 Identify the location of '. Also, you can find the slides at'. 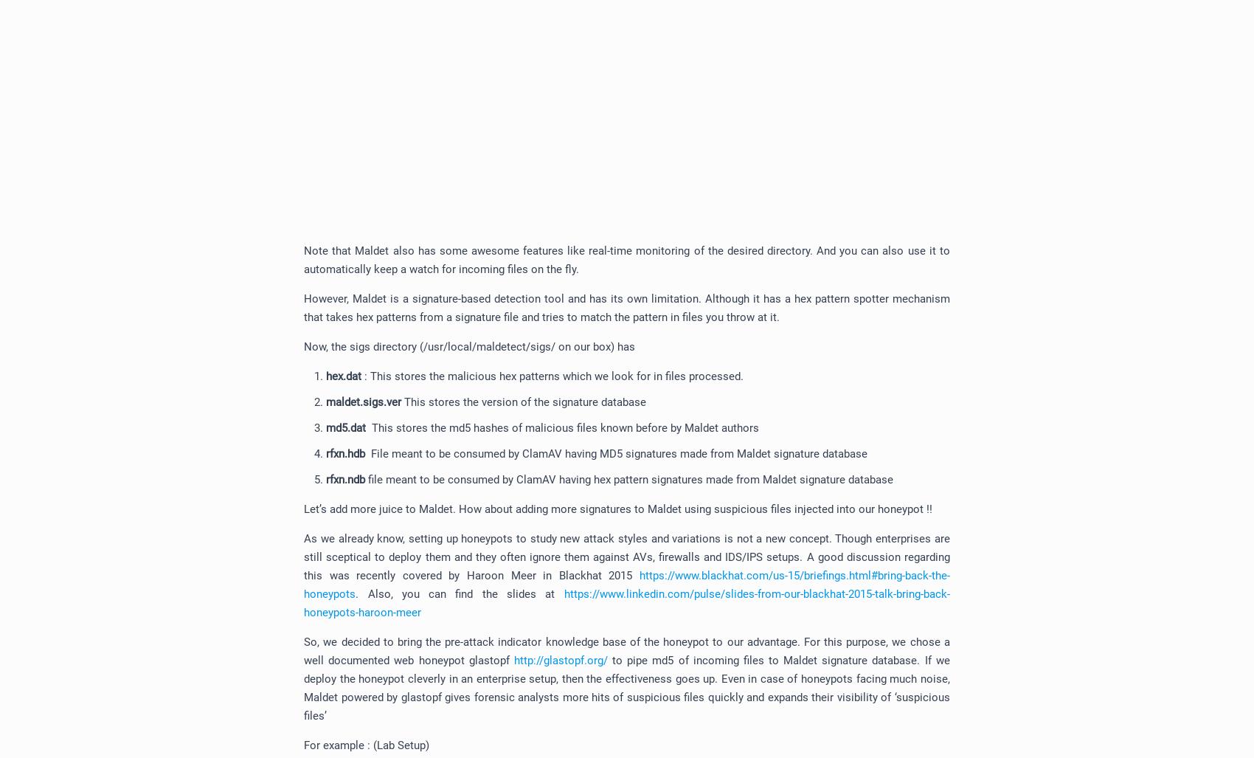
(459, 593).